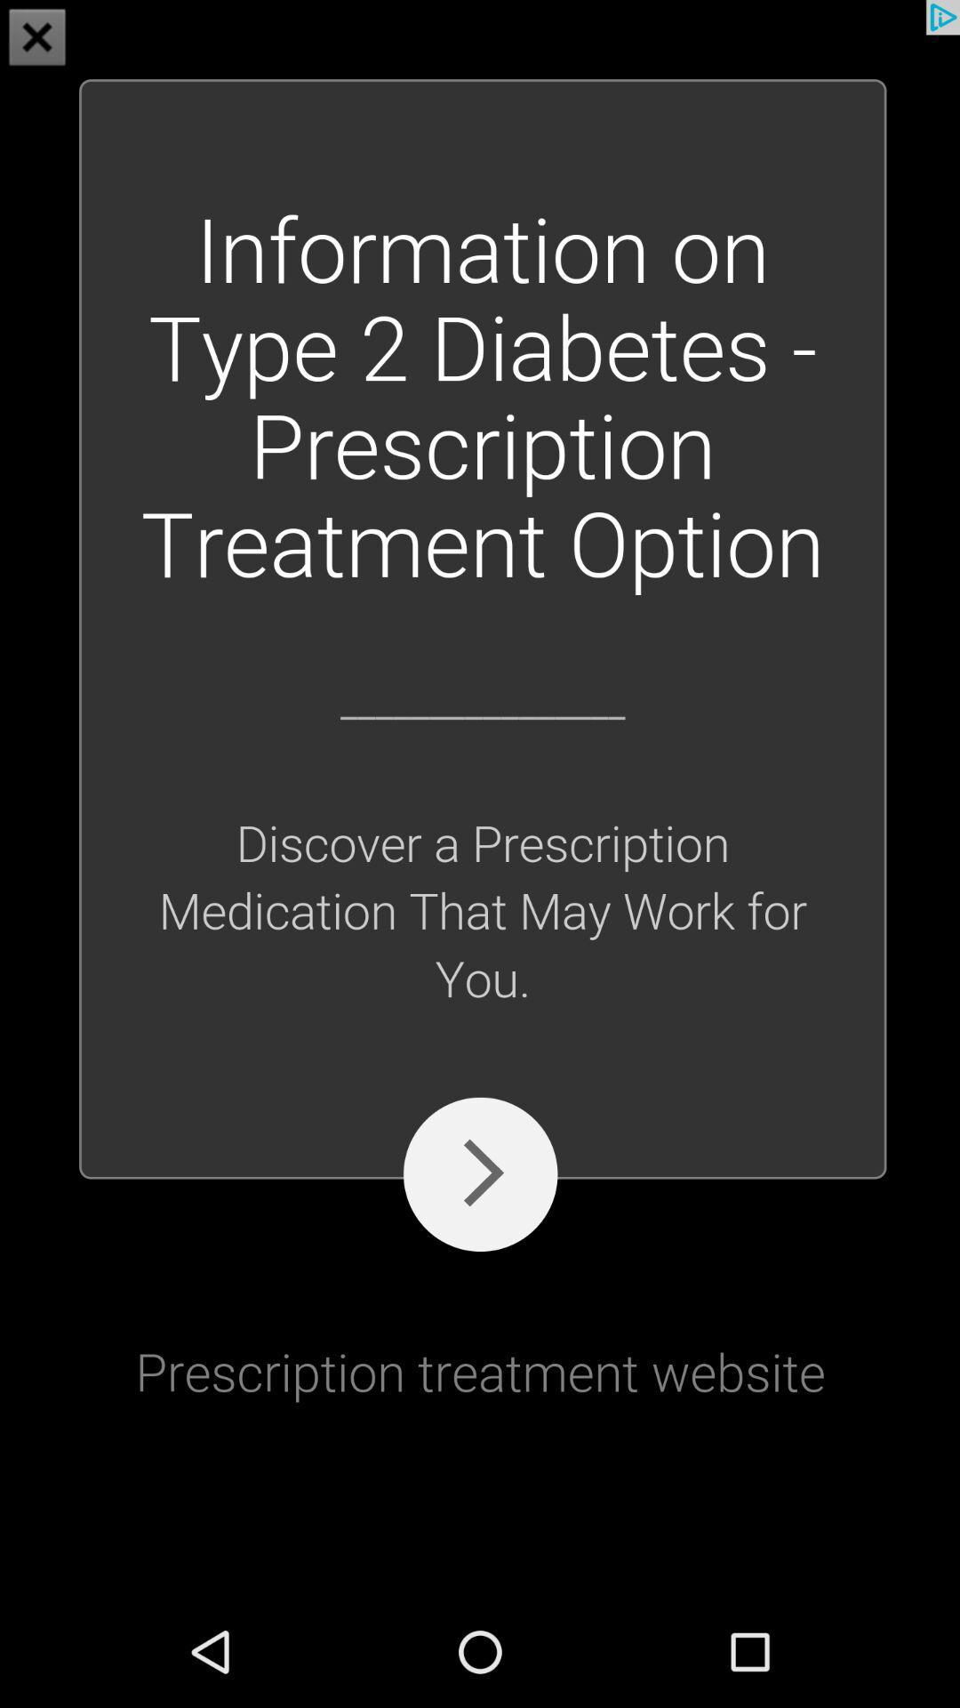 The height and width of the screenshot is (1708, 960). I want to click on the close icon, so click(37, 39).